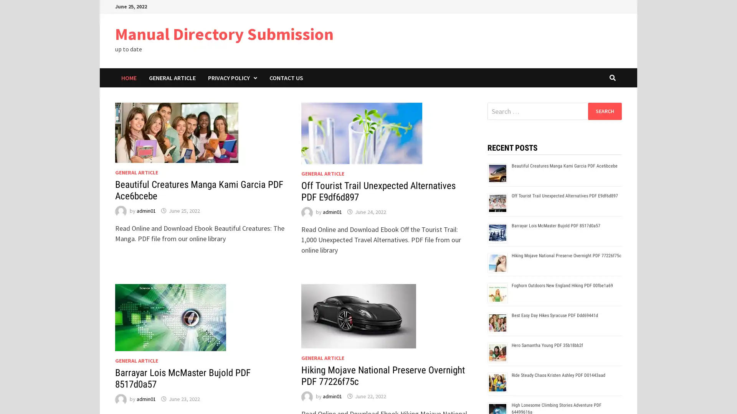 The image size is (737, 414). Describe the element at coordinates (604, 111) in the screenshot. I see `Search` at that location.